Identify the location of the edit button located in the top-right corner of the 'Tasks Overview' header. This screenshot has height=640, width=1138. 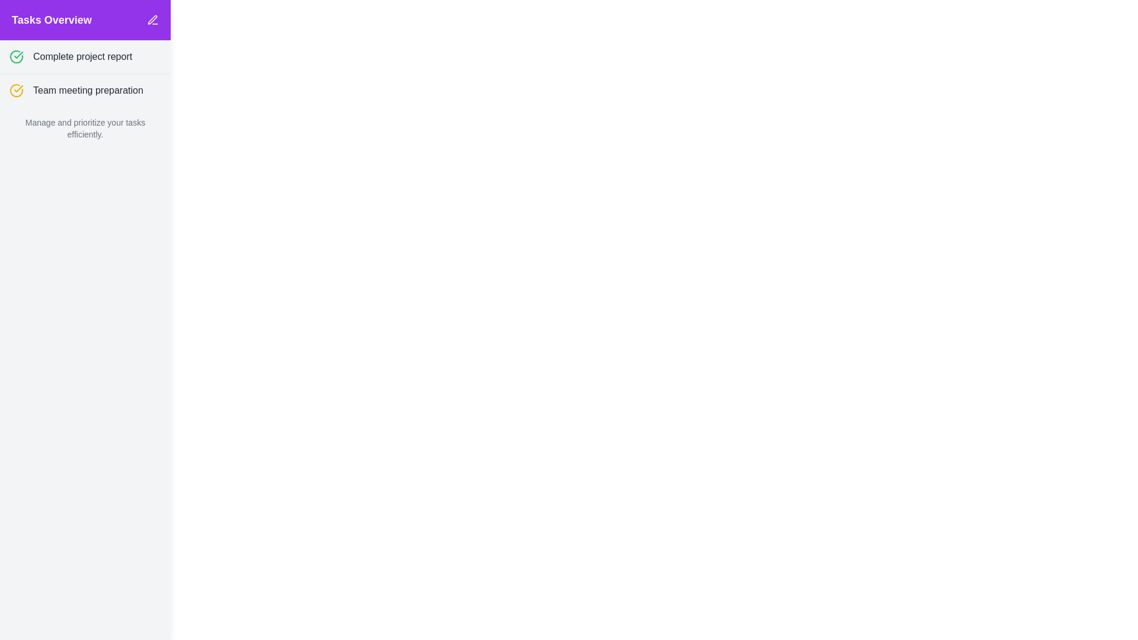
(152, 20).